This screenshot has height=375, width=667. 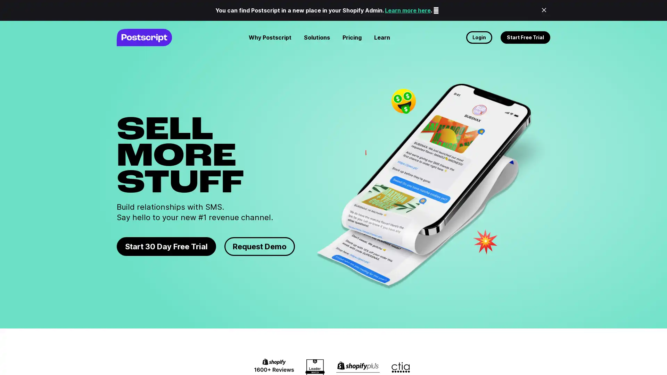 What do you see at coordinates (525, 37) in the screenshot?
I see `Start Free Trial` at bounding box center [525, 37].